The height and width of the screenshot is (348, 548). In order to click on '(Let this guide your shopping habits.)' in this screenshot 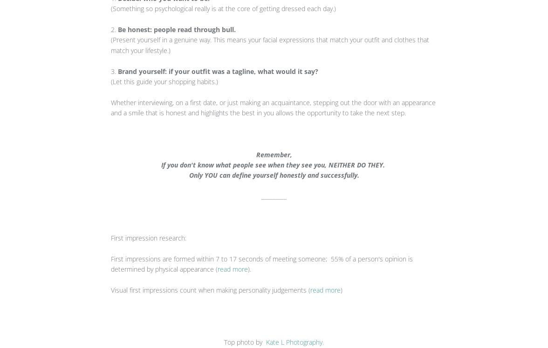, I will do `click(164, 80)`.